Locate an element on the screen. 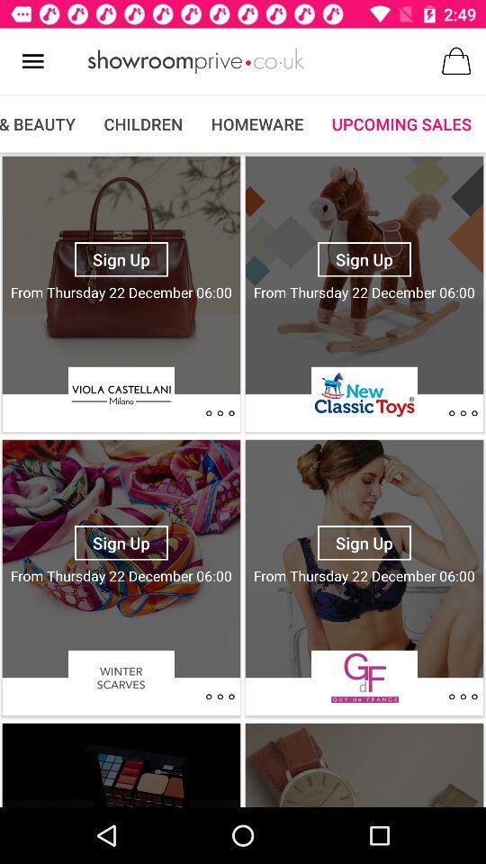  the dots option to the right of new classic toys text is located at coordinates (463, 413).